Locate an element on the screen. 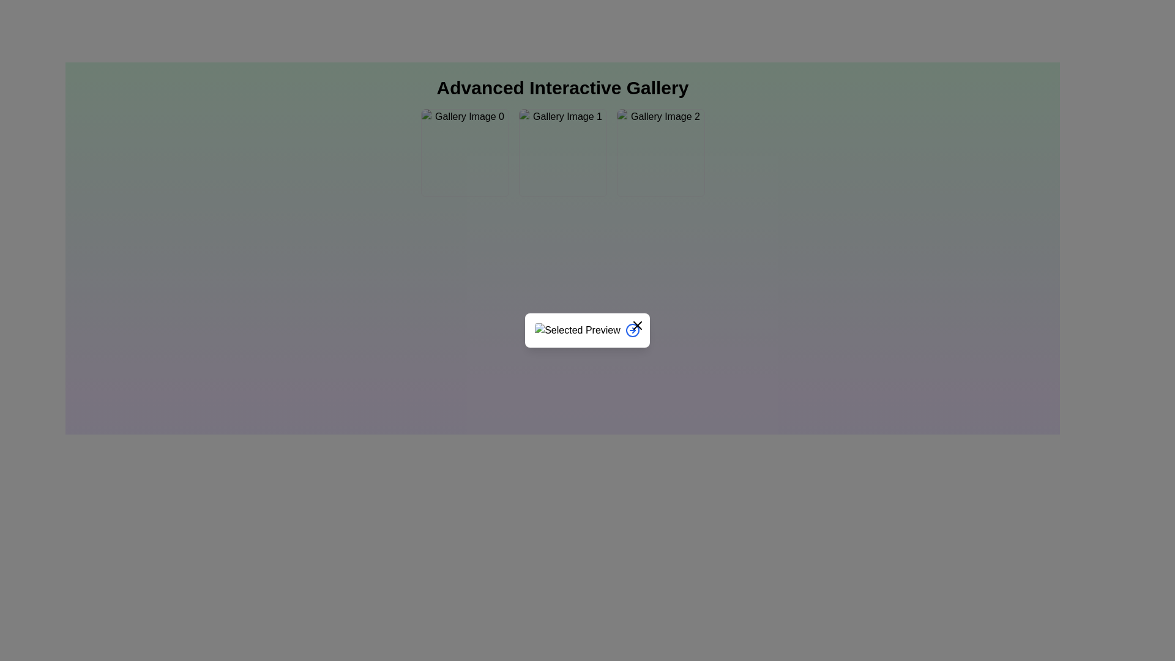 The height and width of the screenshot is (661, 1175). the buttons or links within the modal dialog or pop-up that shows the selected preview image, located at the center of the viewport is located at coordinates (587, 330).